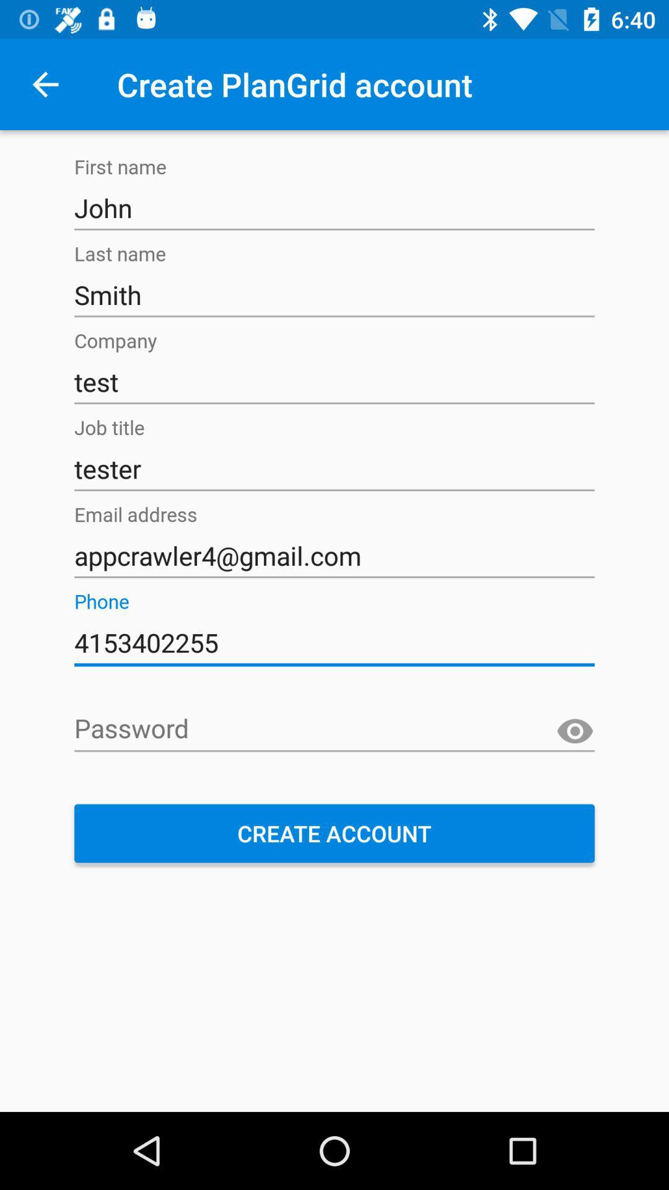 Image resolution: width=669 pixels, height=1190 pixels. I want to click on test, so click(334, 381).